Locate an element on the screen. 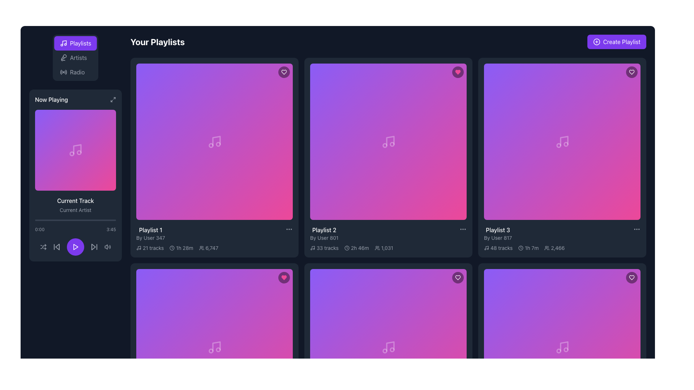 The height and width of the screenshot is (390, 694). the play button with an SVG play icon, located at the bottom-center of the second row, third column playlist card grid is located at coordinates (214, 347).